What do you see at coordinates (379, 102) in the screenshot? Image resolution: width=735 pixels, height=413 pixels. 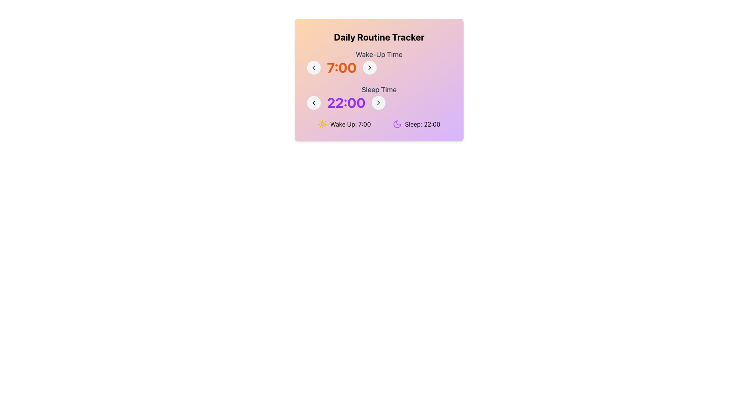 I see `the second button in the bottom-right section of the interface to increase the sleep time, located to the right of the 'Sleep Time' label and '22:00' text` at bounding box center [379, 102].